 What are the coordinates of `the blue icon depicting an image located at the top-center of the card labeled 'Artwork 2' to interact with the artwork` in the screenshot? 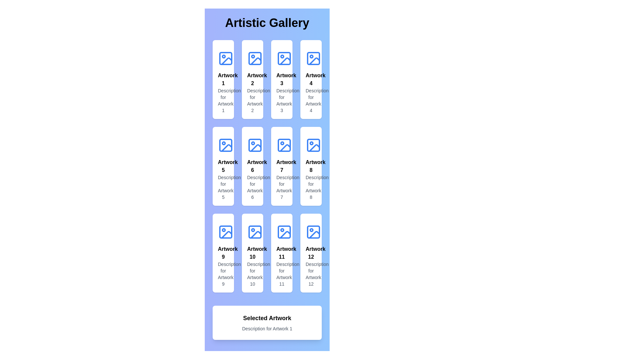 It's located at (255, 58).